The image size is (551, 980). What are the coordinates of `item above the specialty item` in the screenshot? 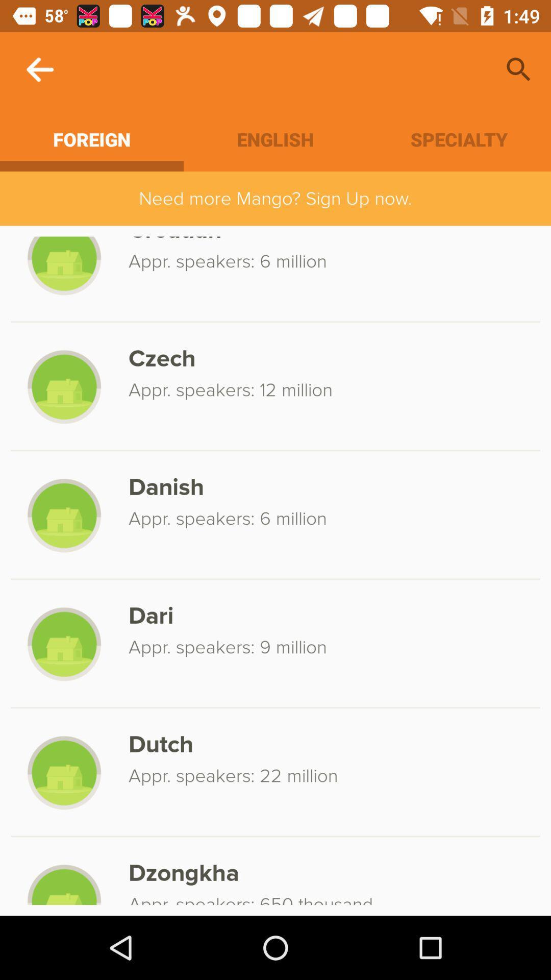 It's located at (519, 69).